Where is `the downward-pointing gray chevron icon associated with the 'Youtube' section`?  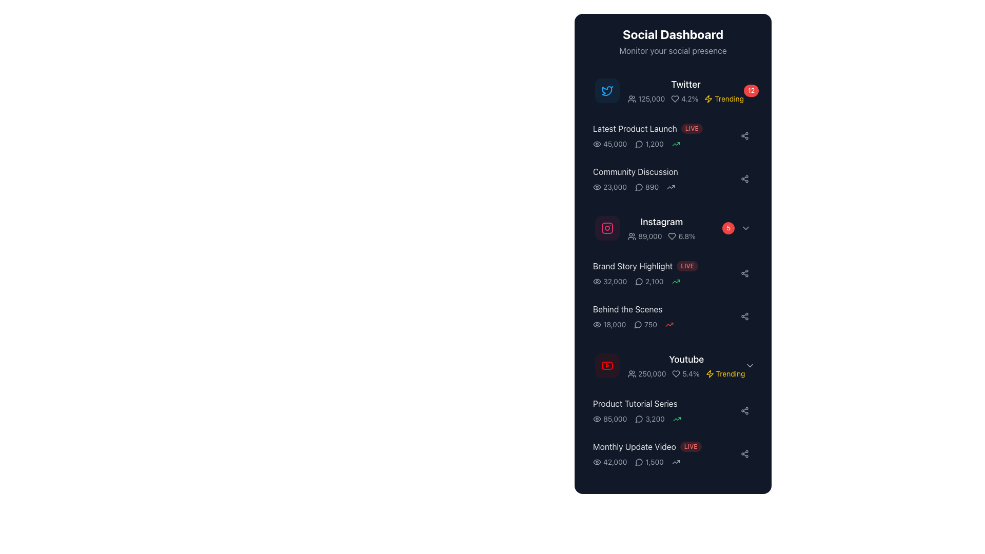 the downward-pointing gray chevron icon associated with the 'Youtube' section is located at coordinates (750, 365).